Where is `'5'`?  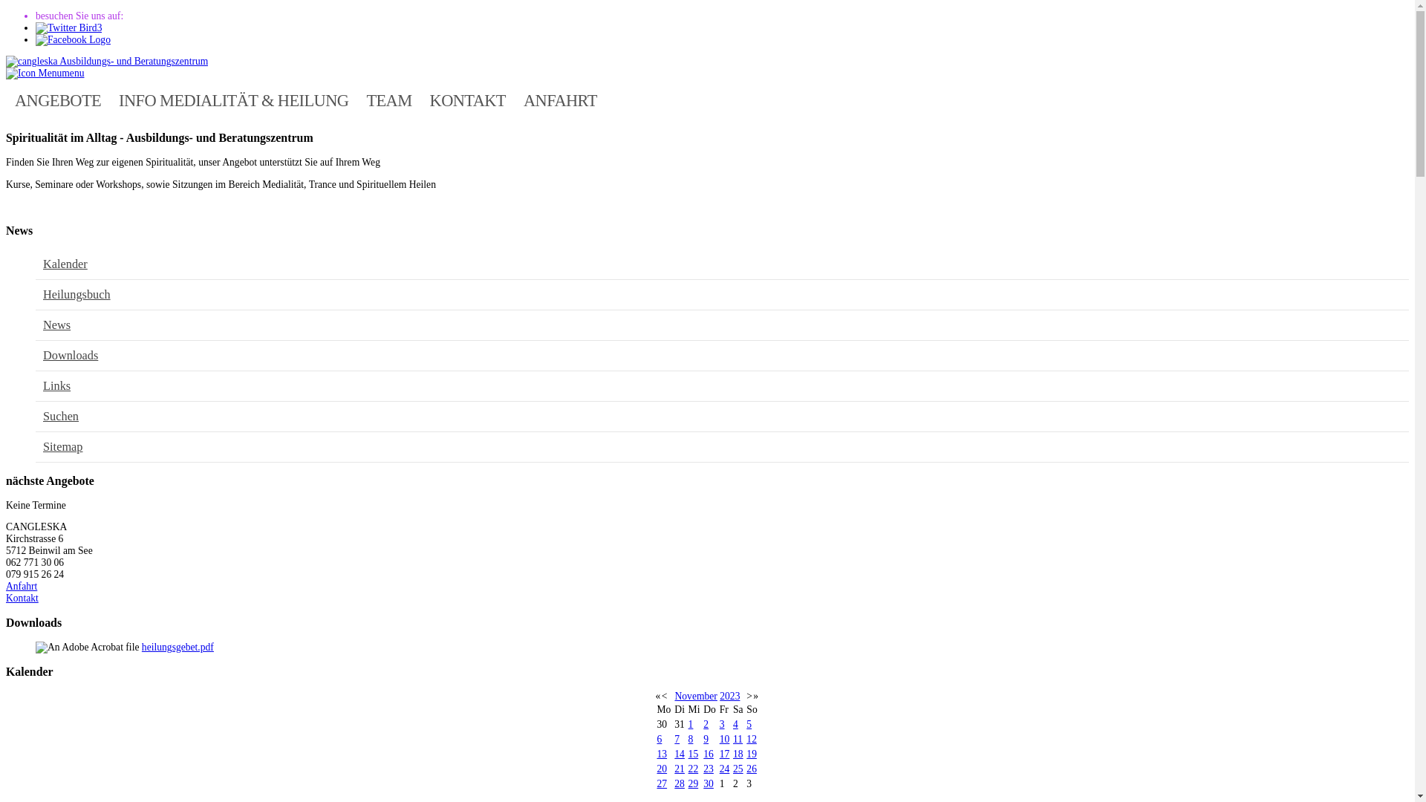
'5' is located at coordinates (749, 723).